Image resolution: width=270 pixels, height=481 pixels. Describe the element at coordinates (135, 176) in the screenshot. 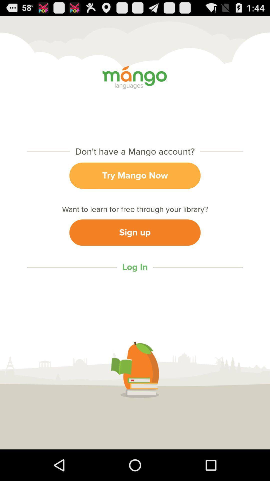

I see `the item above the want to learn item` at that location.